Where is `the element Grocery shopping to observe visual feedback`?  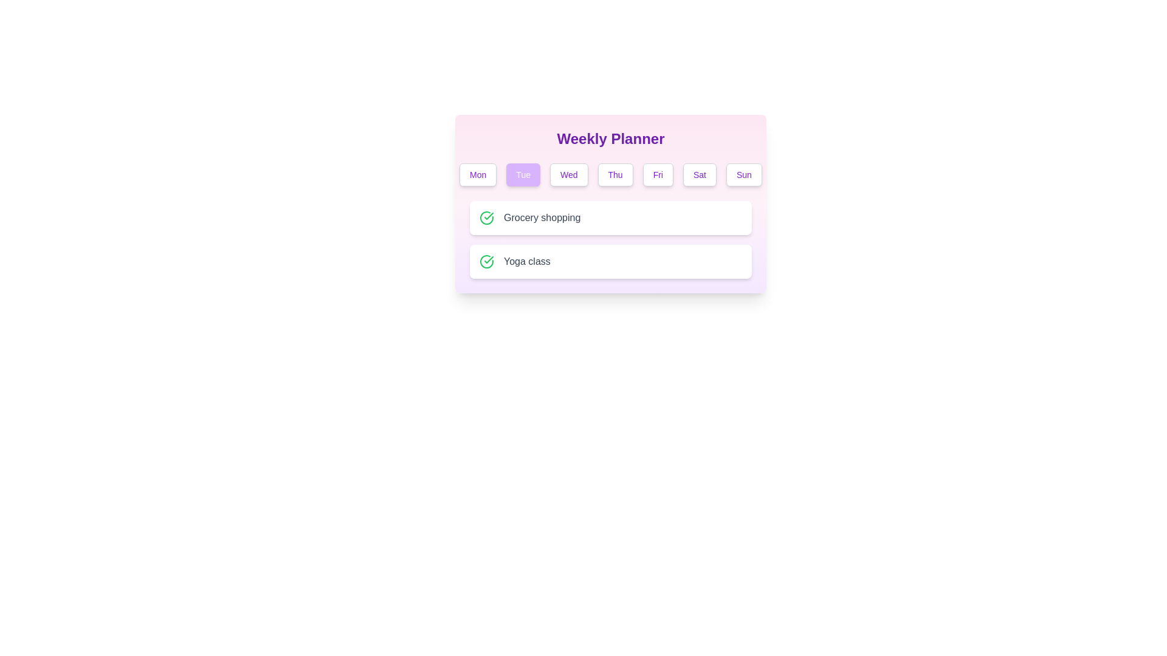
the element Grocery shopping to observe visual feedback is located at coordinates (610, 217).